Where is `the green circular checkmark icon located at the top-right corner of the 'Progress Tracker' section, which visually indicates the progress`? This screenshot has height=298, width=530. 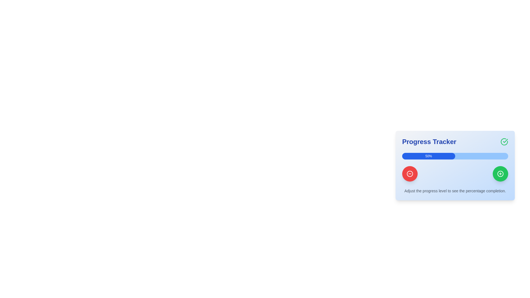 the green circular checkmark icon located at the top-right corner of the 'Progress Tracker' section, which visually indicates the progress is located at coordinates (504, 141).